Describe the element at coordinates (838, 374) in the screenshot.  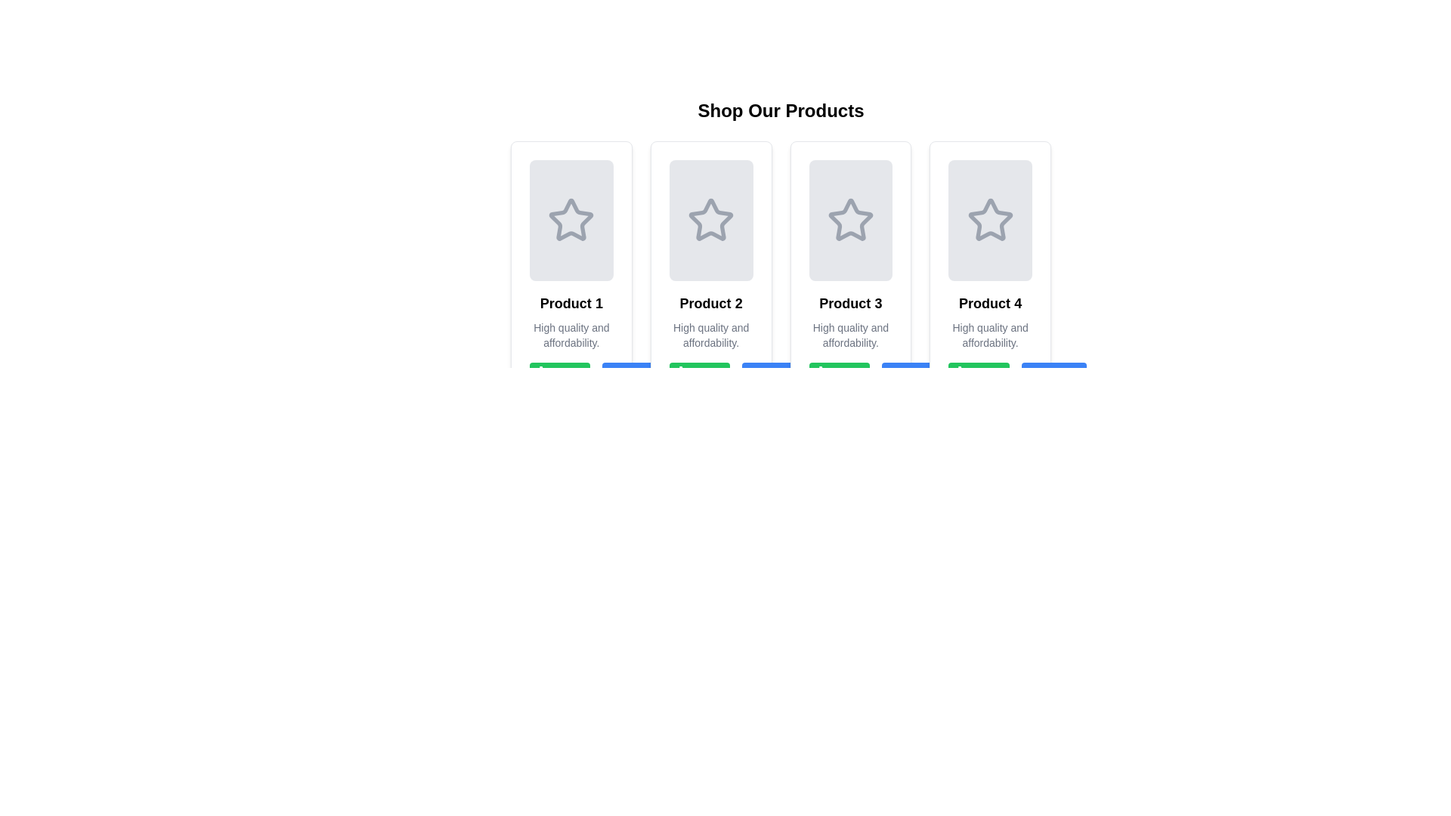
I see `the 'Add to Cart' button for 'Product 3'` at that location.